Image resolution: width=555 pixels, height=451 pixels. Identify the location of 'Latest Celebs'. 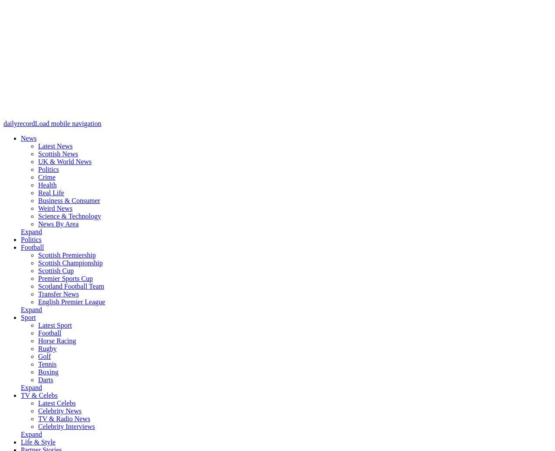
(56, 403).